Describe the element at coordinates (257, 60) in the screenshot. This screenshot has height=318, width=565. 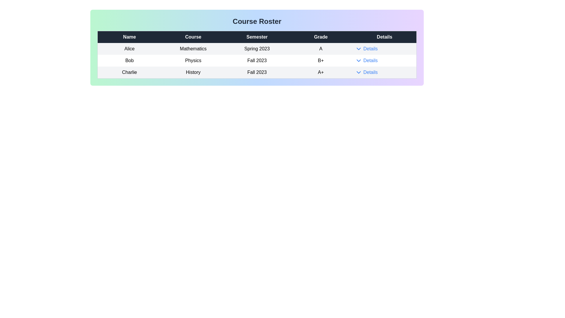
I see `the label displaying 'Fall 2023' in bold, centered style, located in the 'Semester' column of the table, following elements 'Bob' and 'Physics'` at that location.